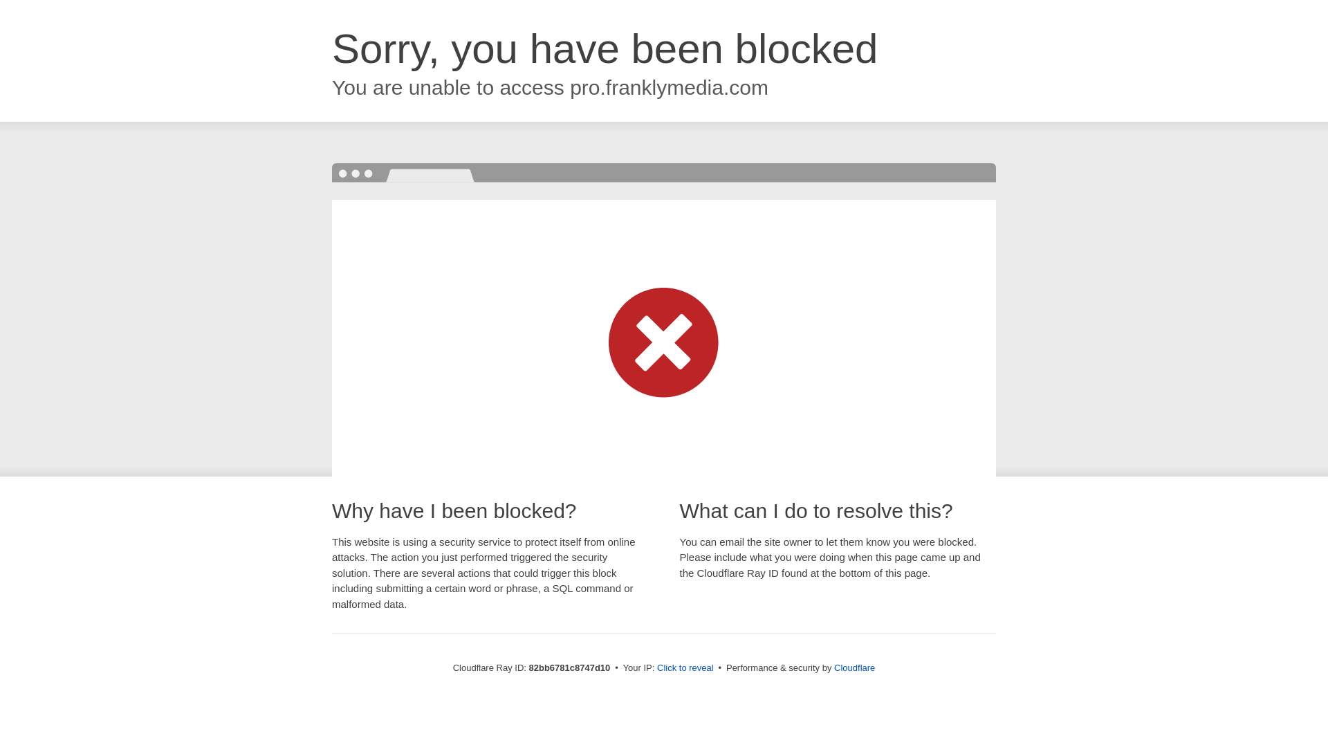 Image resolution: width=1328 pixels, height=747 pixels. What do you see at coordinates (854, 667) in the screenshot?
I see `'Cloudflare'` at bounding box center [854, 667].